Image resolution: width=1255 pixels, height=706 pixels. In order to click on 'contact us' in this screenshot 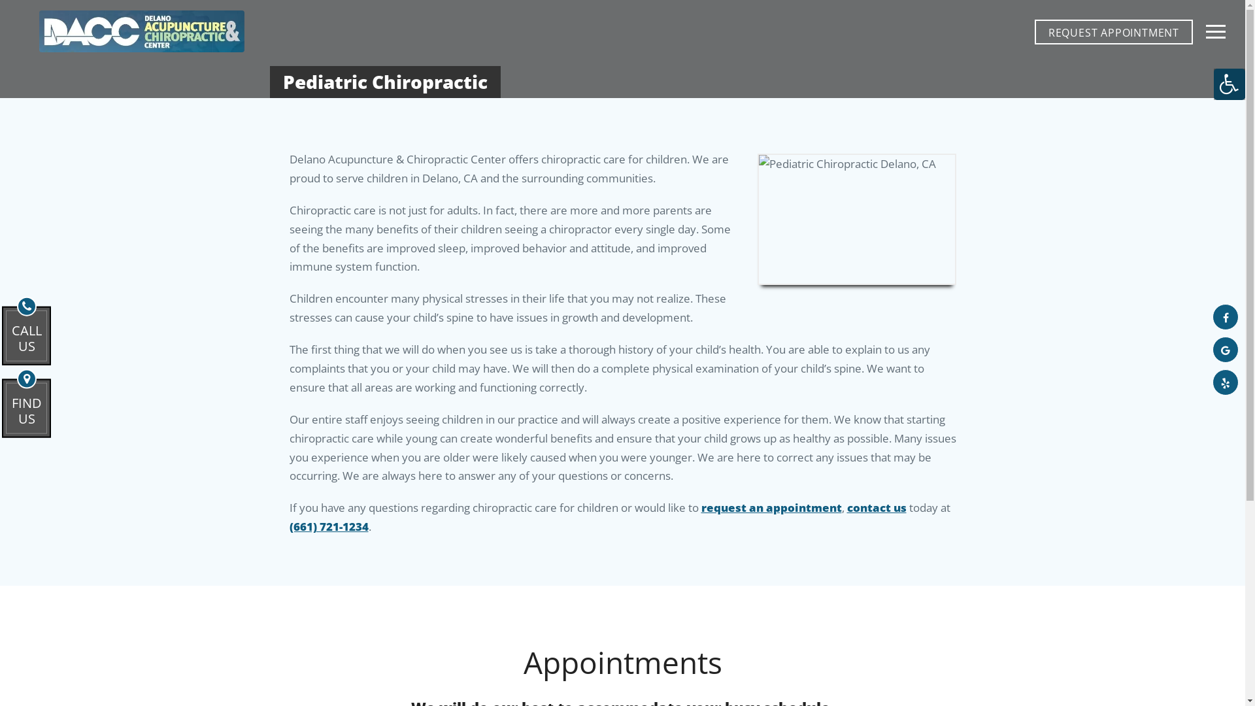, I will do `click(877, 507)`.